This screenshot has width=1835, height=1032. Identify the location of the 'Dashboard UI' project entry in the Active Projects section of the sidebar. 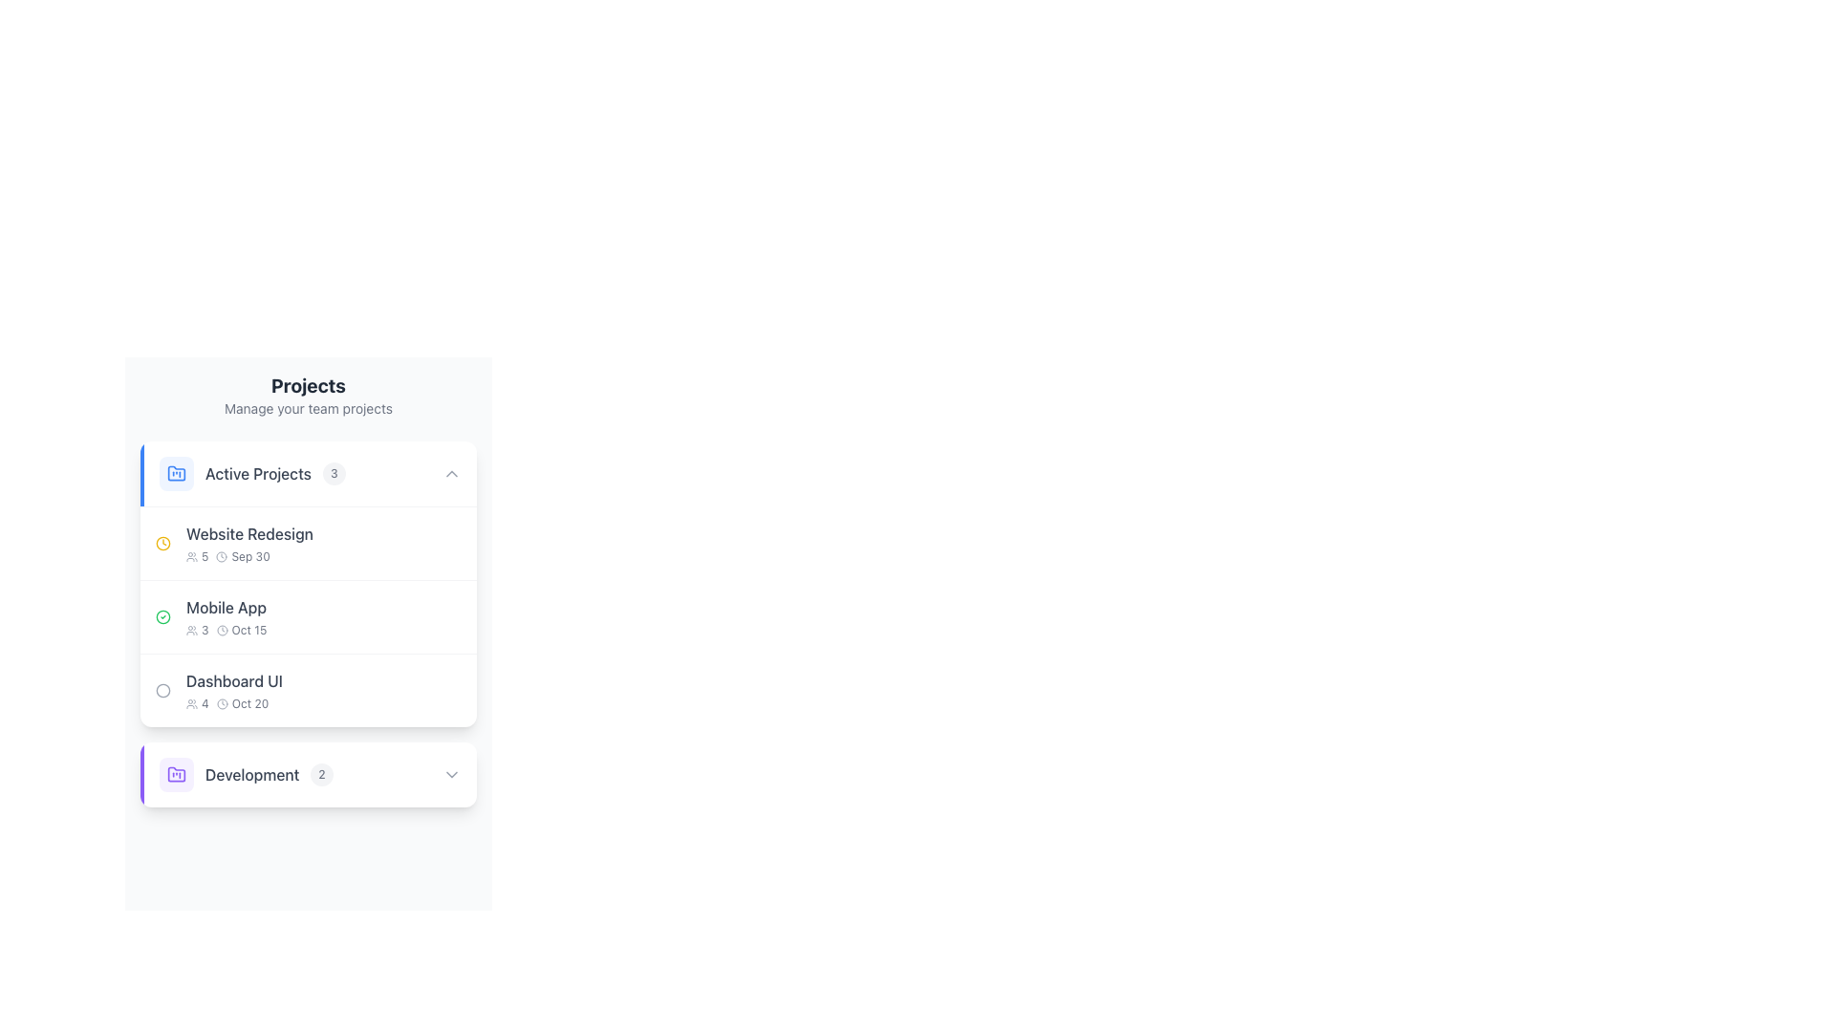
(219, 690).